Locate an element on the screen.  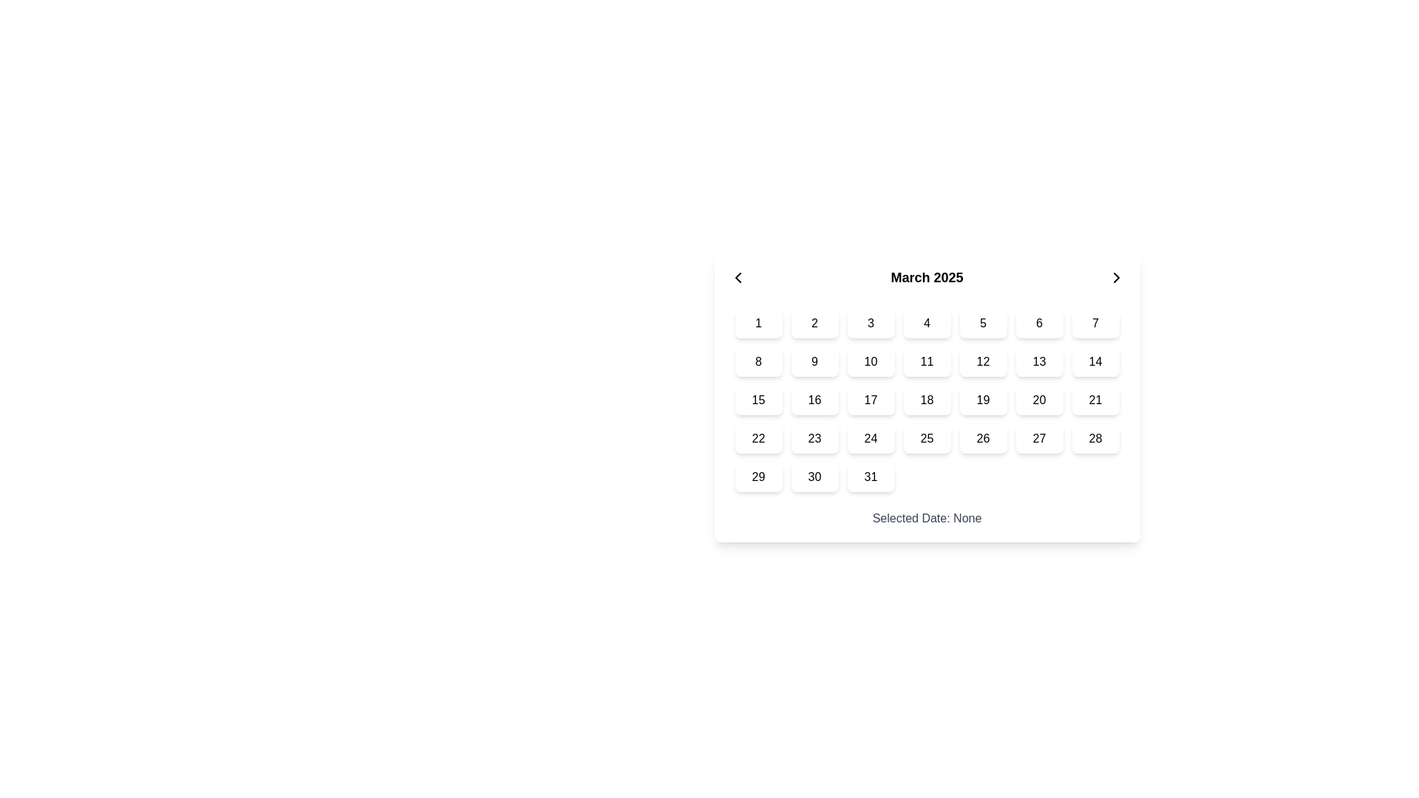
the day selection button for the 11th day of March 2025 located in the second row and fourth column of the calendar widget is located at coordinates (926, 361).